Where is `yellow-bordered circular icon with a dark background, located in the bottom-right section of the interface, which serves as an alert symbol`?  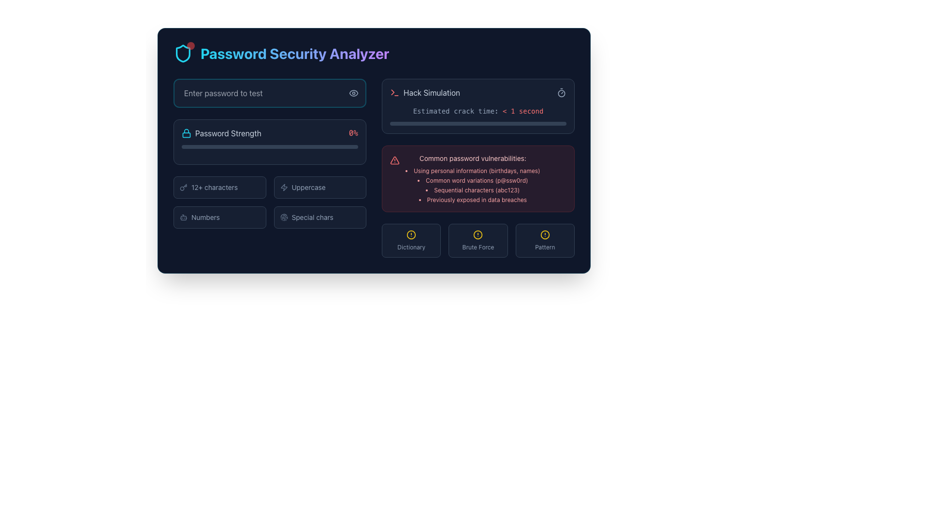 yellow-bordered circular icon with a dark background, located in the bottom-right section of the interface, which serves as an alert symbol is located at coordinates (545, 235).